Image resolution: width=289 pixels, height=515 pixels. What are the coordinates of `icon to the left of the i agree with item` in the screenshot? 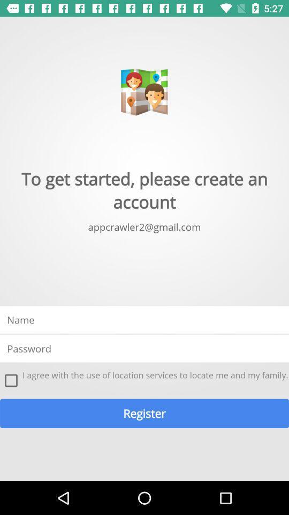 It's located at (11, 380).